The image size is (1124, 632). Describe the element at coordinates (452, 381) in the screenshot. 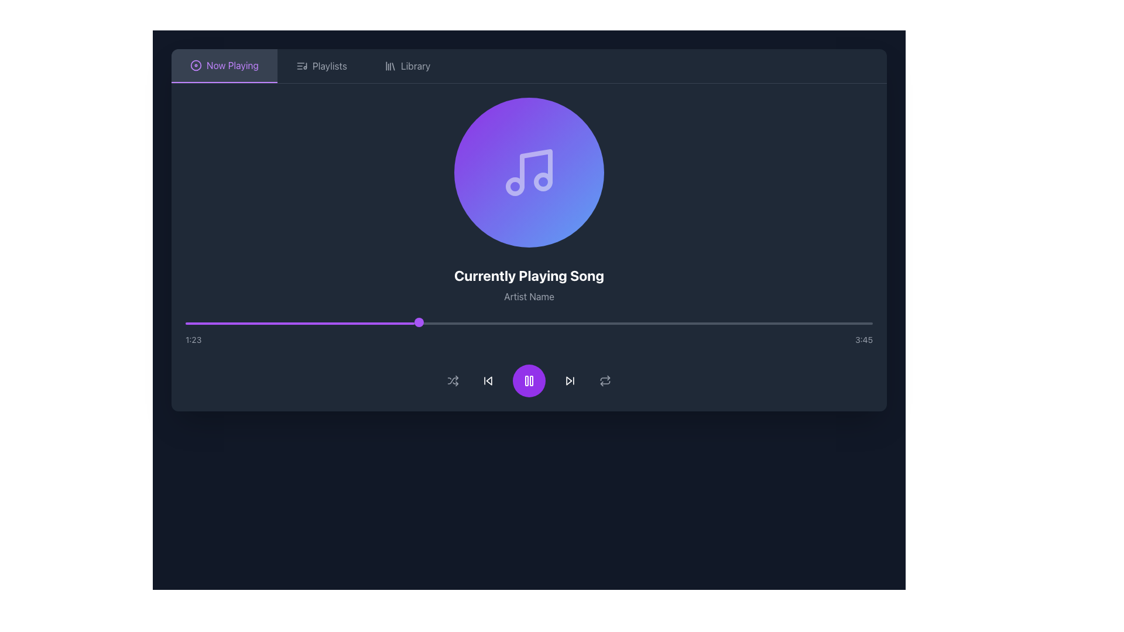

I see `the shuffle toggle icon button located at the far right of the control button row beneath the media player area` at that location.